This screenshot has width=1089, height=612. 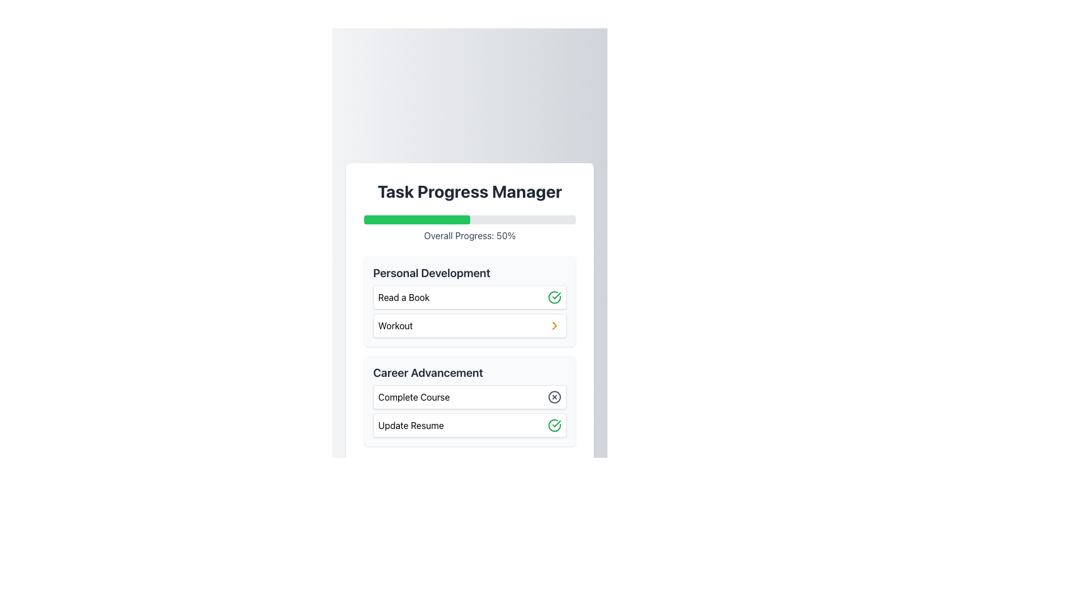 What do you see at coordinates (470, 235) in the screenshot?
I see `the text label reading 'Overall Progress: 50%' located beneath the green progress bar in the 'Task Progress Manager' section` at bounding box center [470, 235].